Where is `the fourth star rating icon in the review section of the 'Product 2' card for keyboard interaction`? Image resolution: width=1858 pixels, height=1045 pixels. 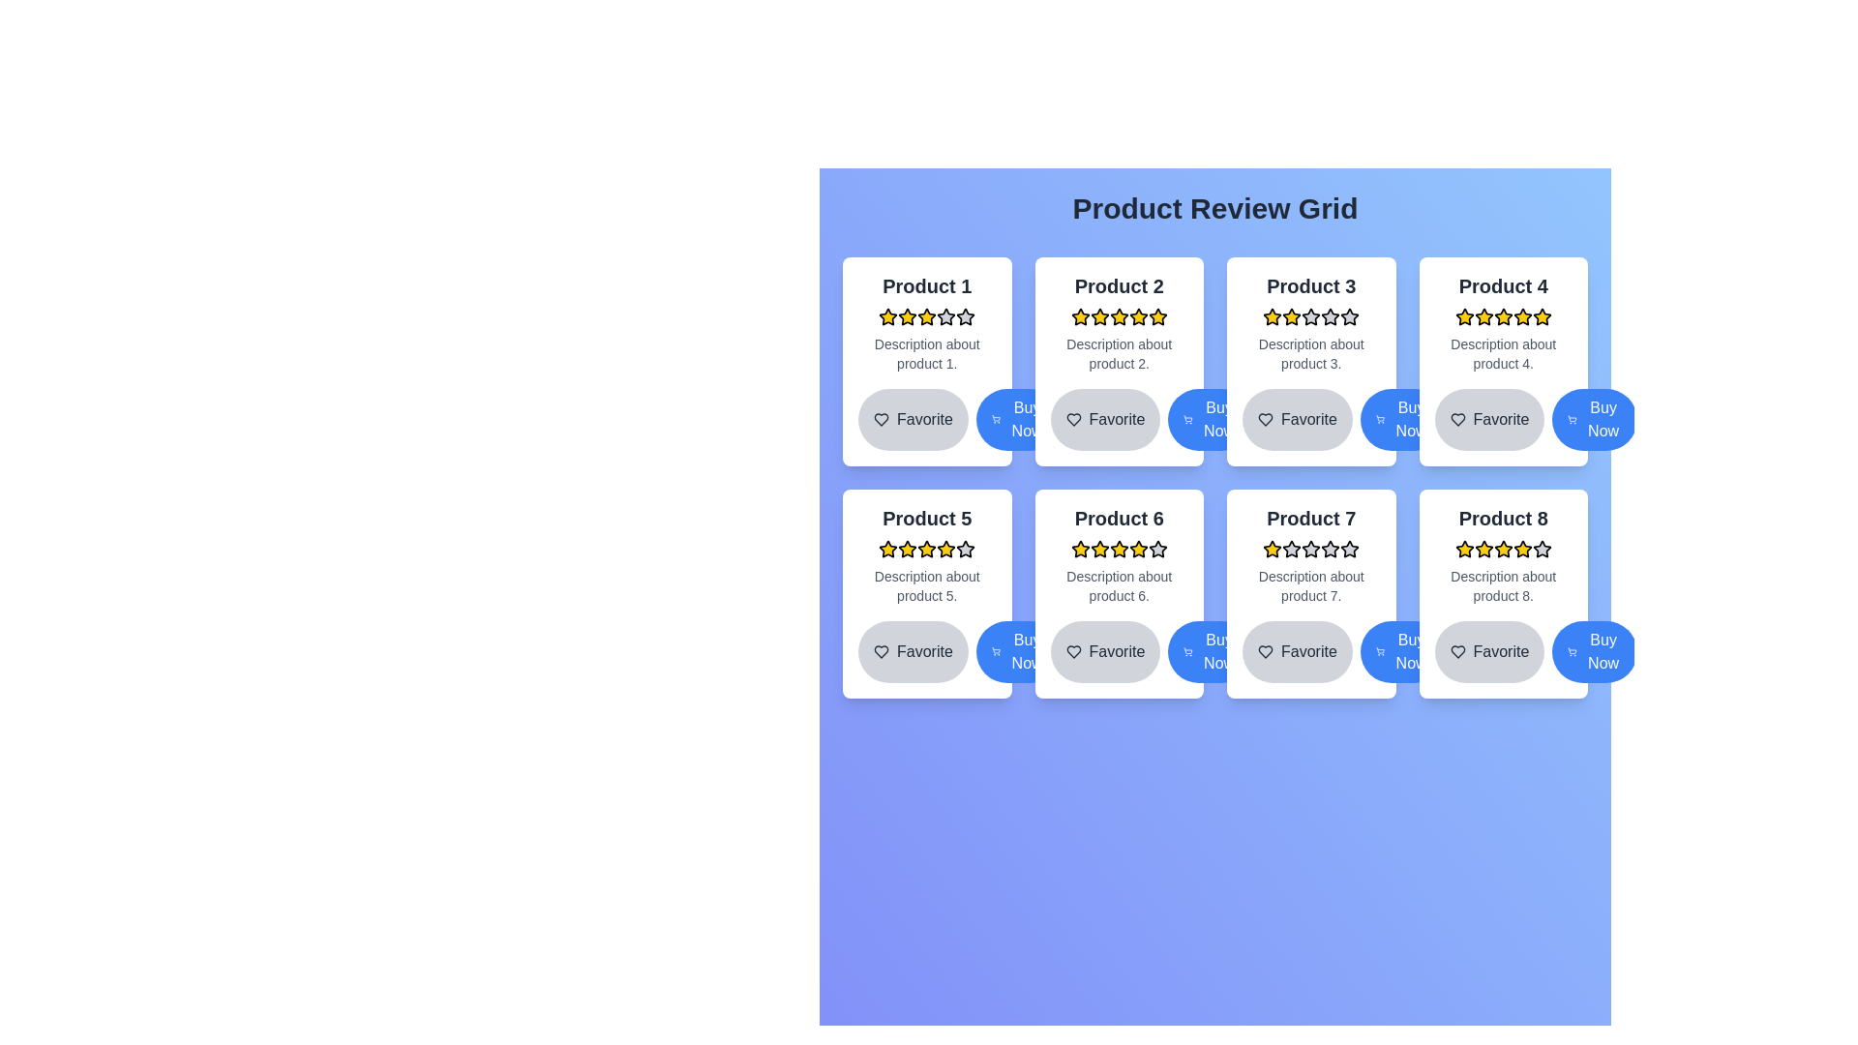 the fourth star rating icon in the review section of the 'Product 2' card for keyboard interaction is located at coordinates (1119, 315).